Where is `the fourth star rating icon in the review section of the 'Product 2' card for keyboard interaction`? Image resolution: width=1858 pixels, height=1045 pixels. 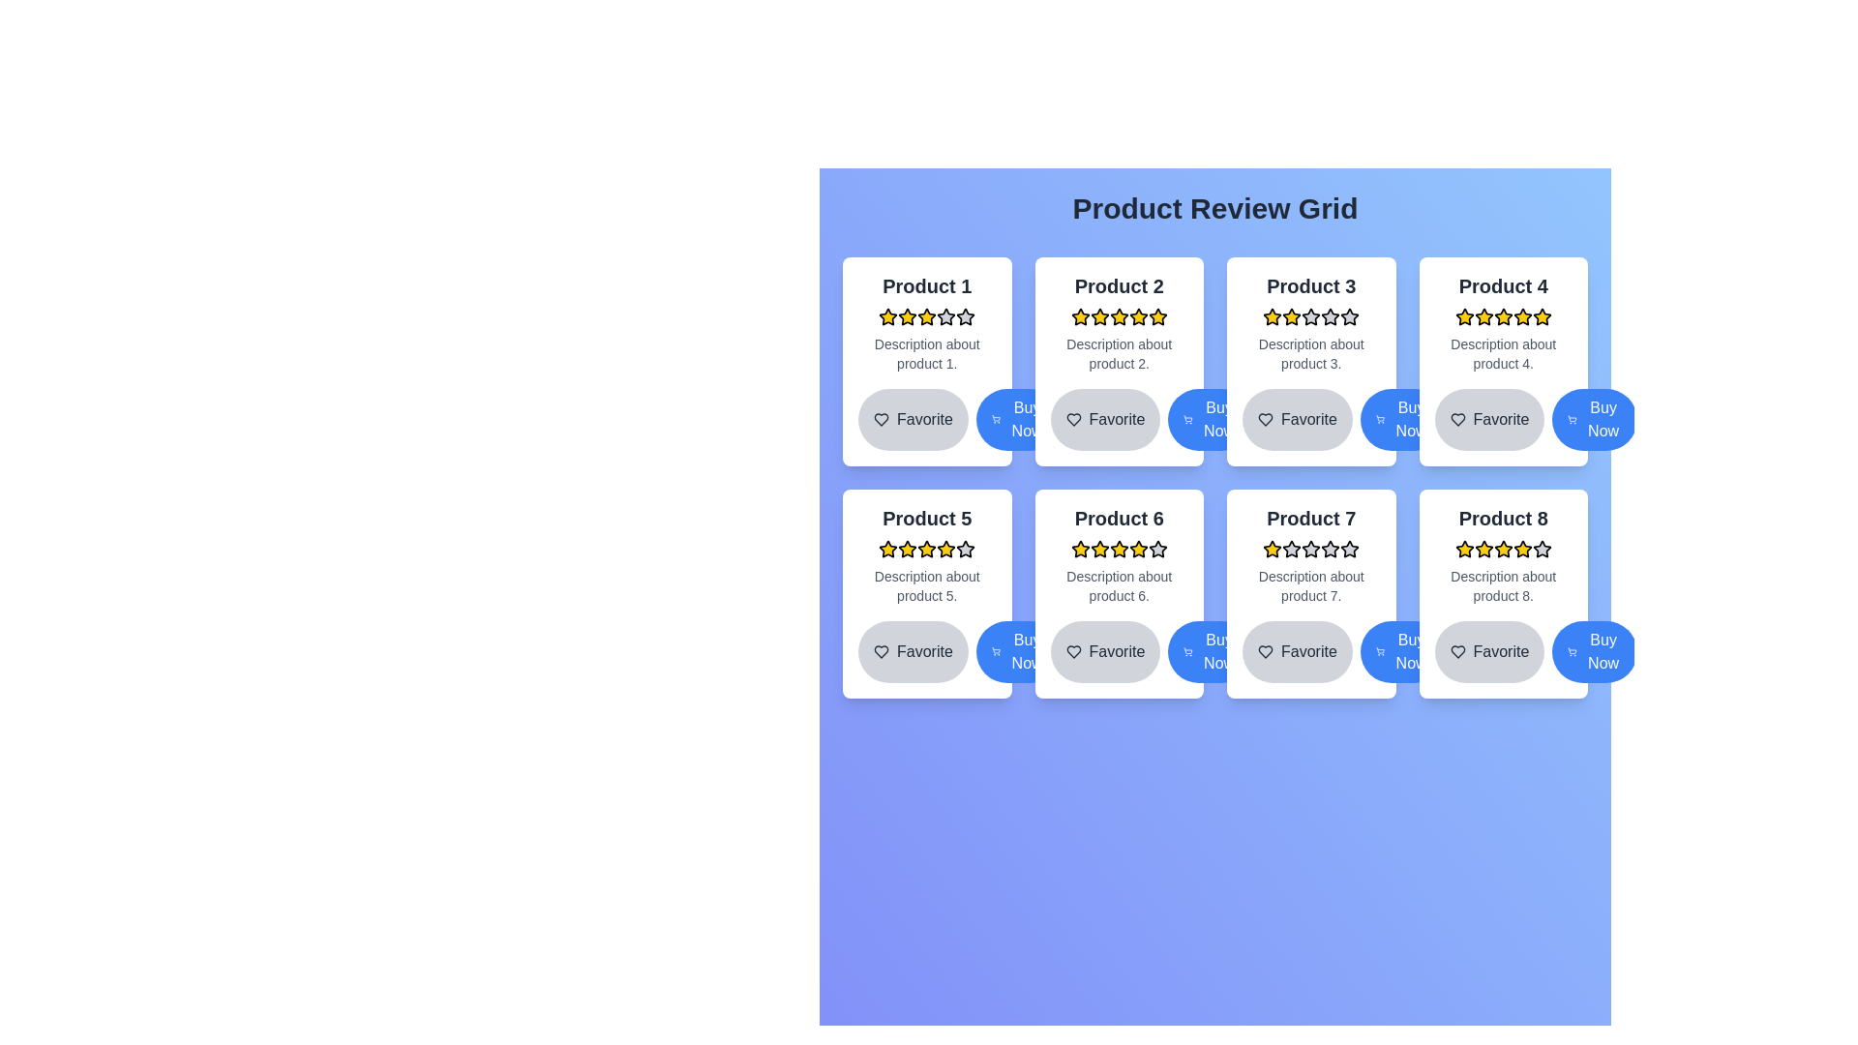 the fourth star rating icon in the review section of the 'Product 2' card for keyboard interaction is located at coordinates (1119, 315).